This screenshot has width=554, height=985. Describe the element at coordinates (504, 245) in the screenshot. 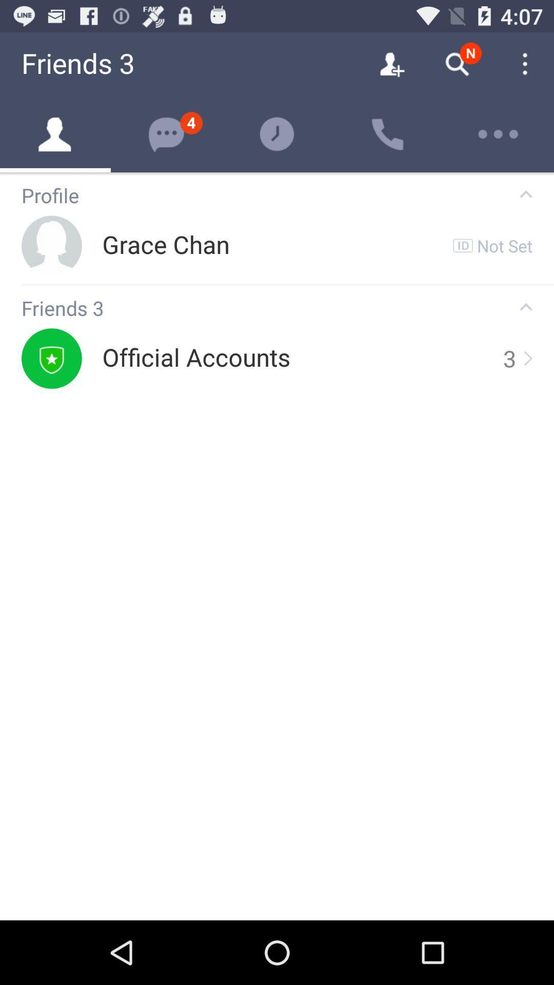

I see `item below profile item` at that location.